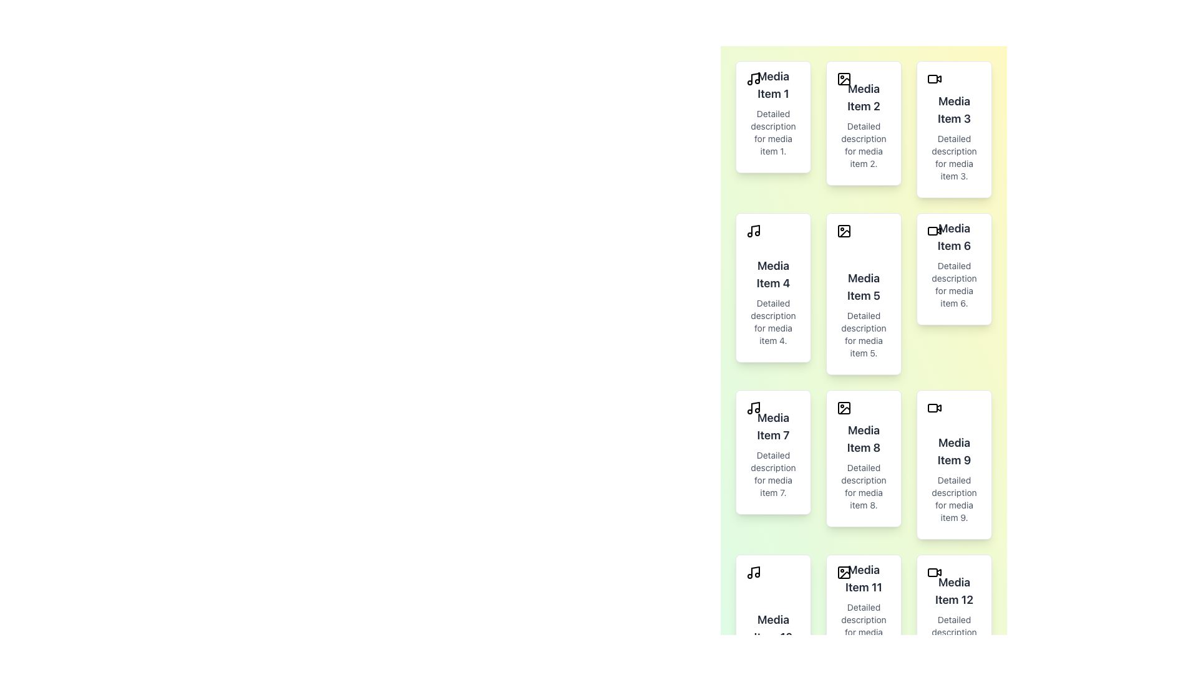 This screenshot has height=673, width=1198. What do you see at coordinates (753, 408) in the screenshot?
I see `the minimalist black outlined music note icon located at the top-left corner of the 'Media Item 7' card to identify it as a representation of media type` at bounding box center [753, 408].